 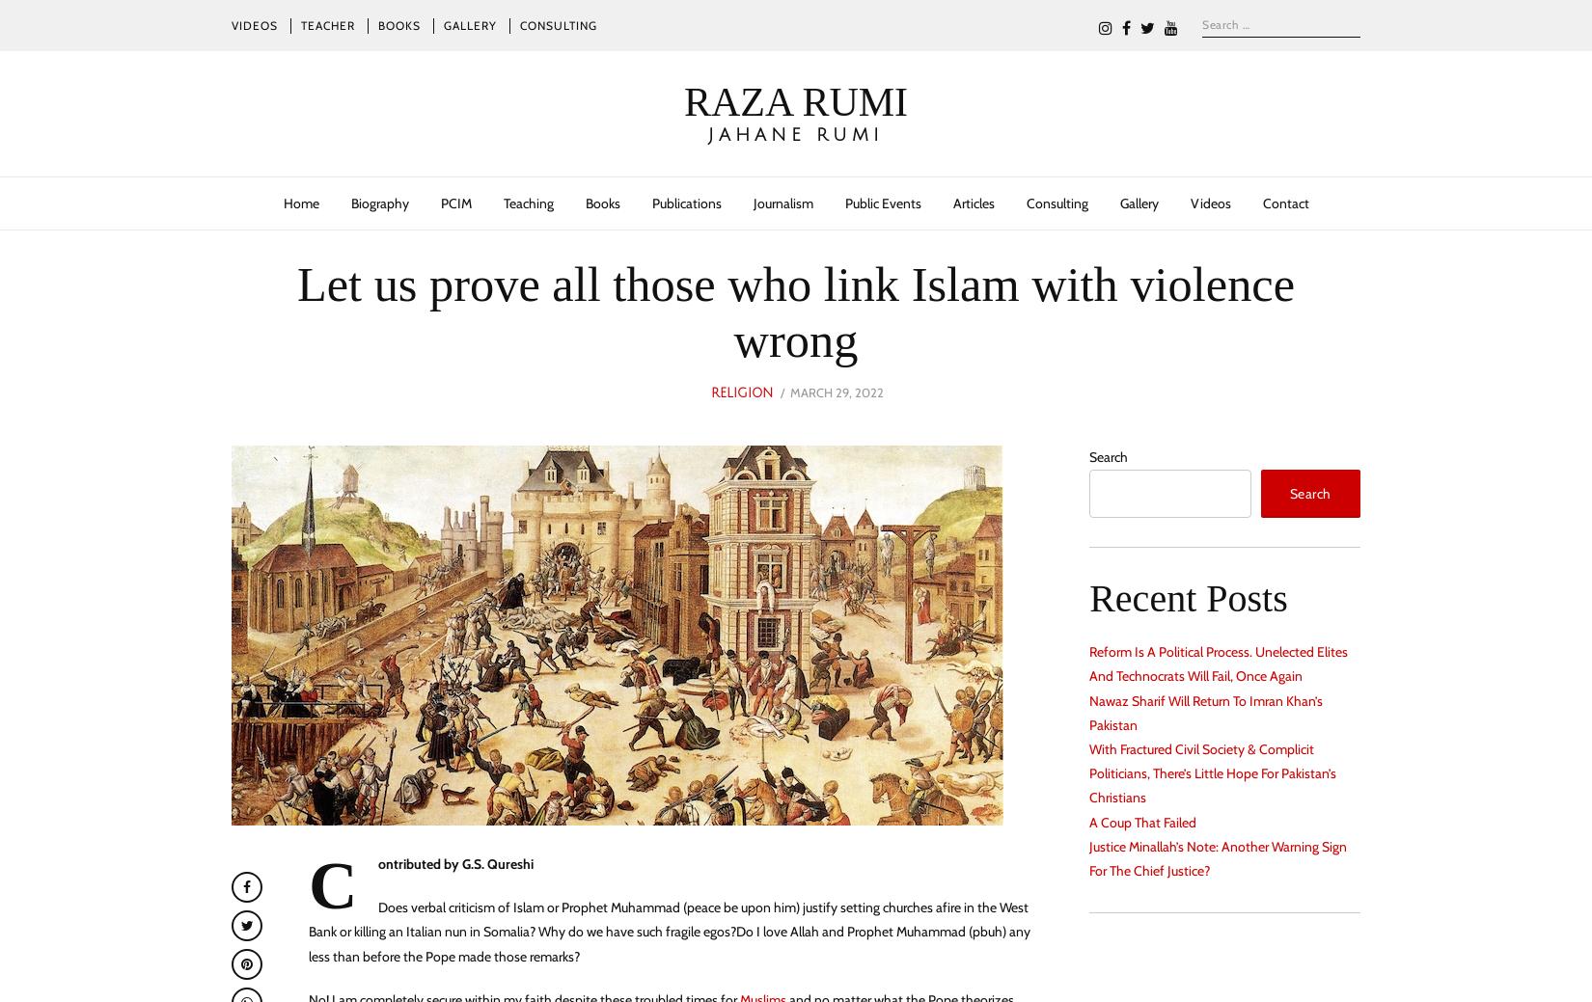 I want to click on 'Articles', so click(x=973, y=202).